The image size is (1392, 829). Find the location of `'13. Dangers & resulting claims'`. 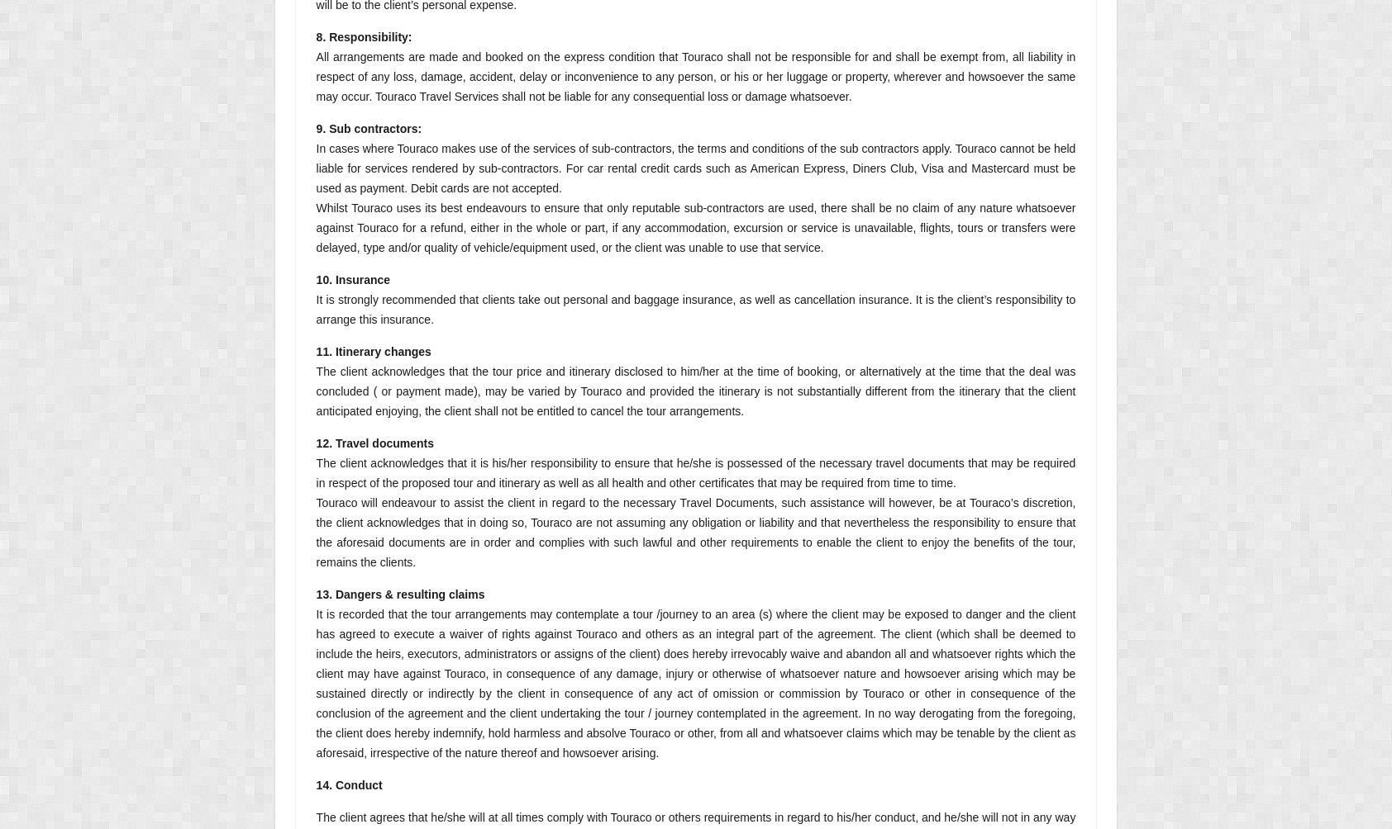

'13. Dangers & resulting claims' is located at coordinates (398, 593).